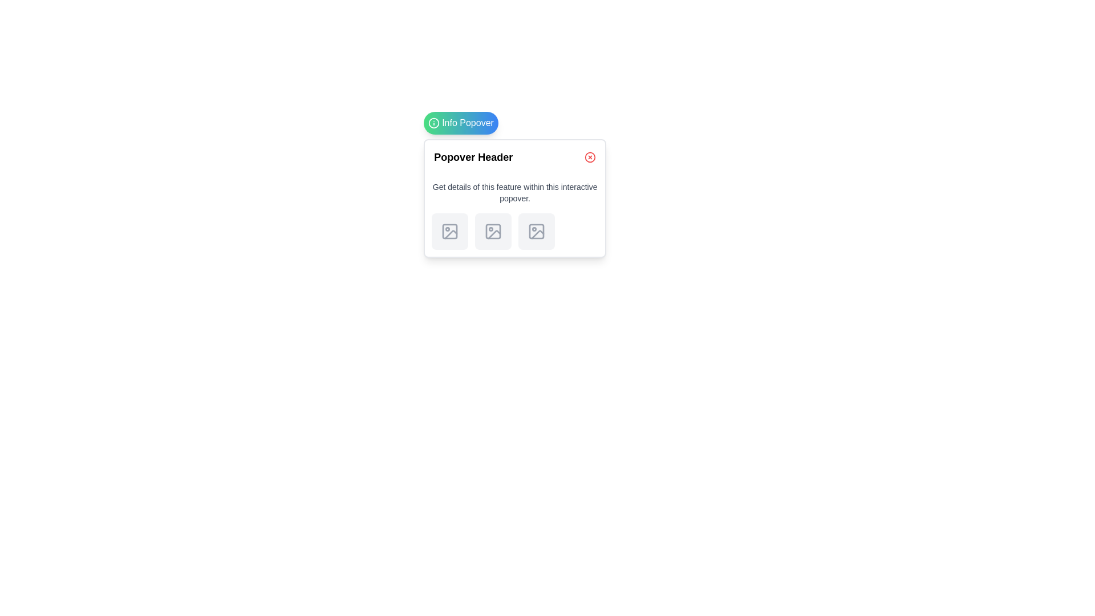  What do you see at coordinates (461, 123) in the screenshot?
I see `the interactive button or information label located at the top-left corner of the popover box` at bounding box center [461, 123].